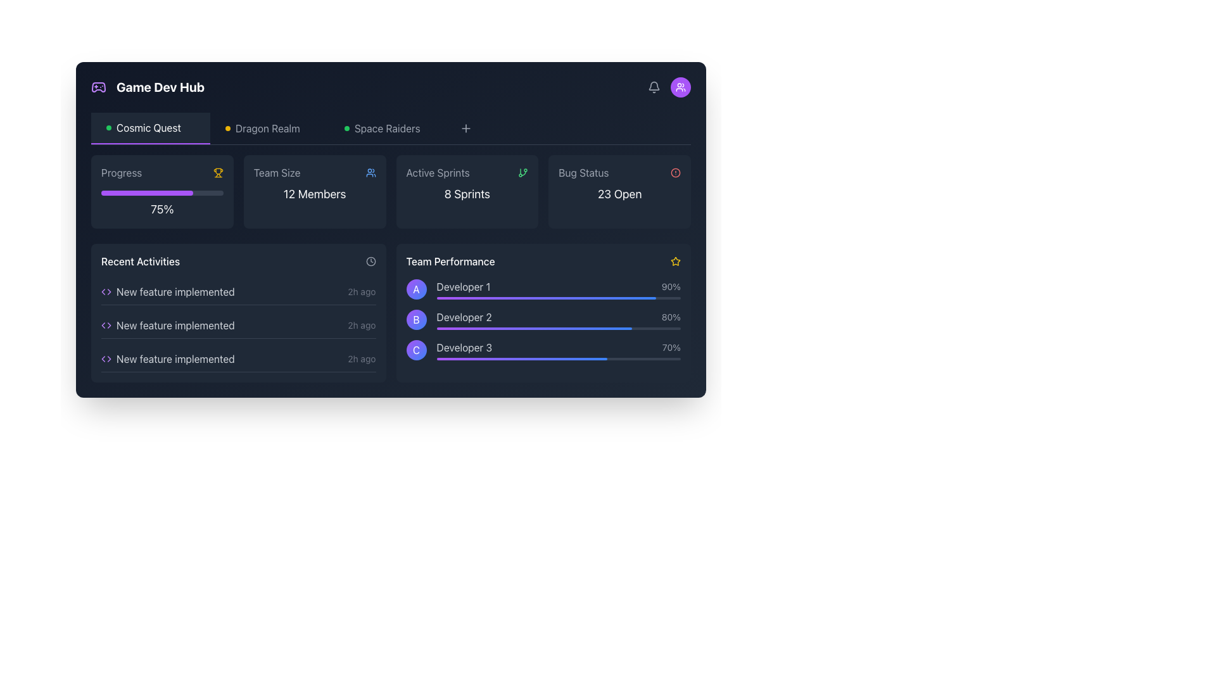  Describe the element at coordinates (276, 173) in the screenshot. I see `the text label describing the team size, which is positioned above '12 Members' and to the left of a blue icon of a group of people` at that location.